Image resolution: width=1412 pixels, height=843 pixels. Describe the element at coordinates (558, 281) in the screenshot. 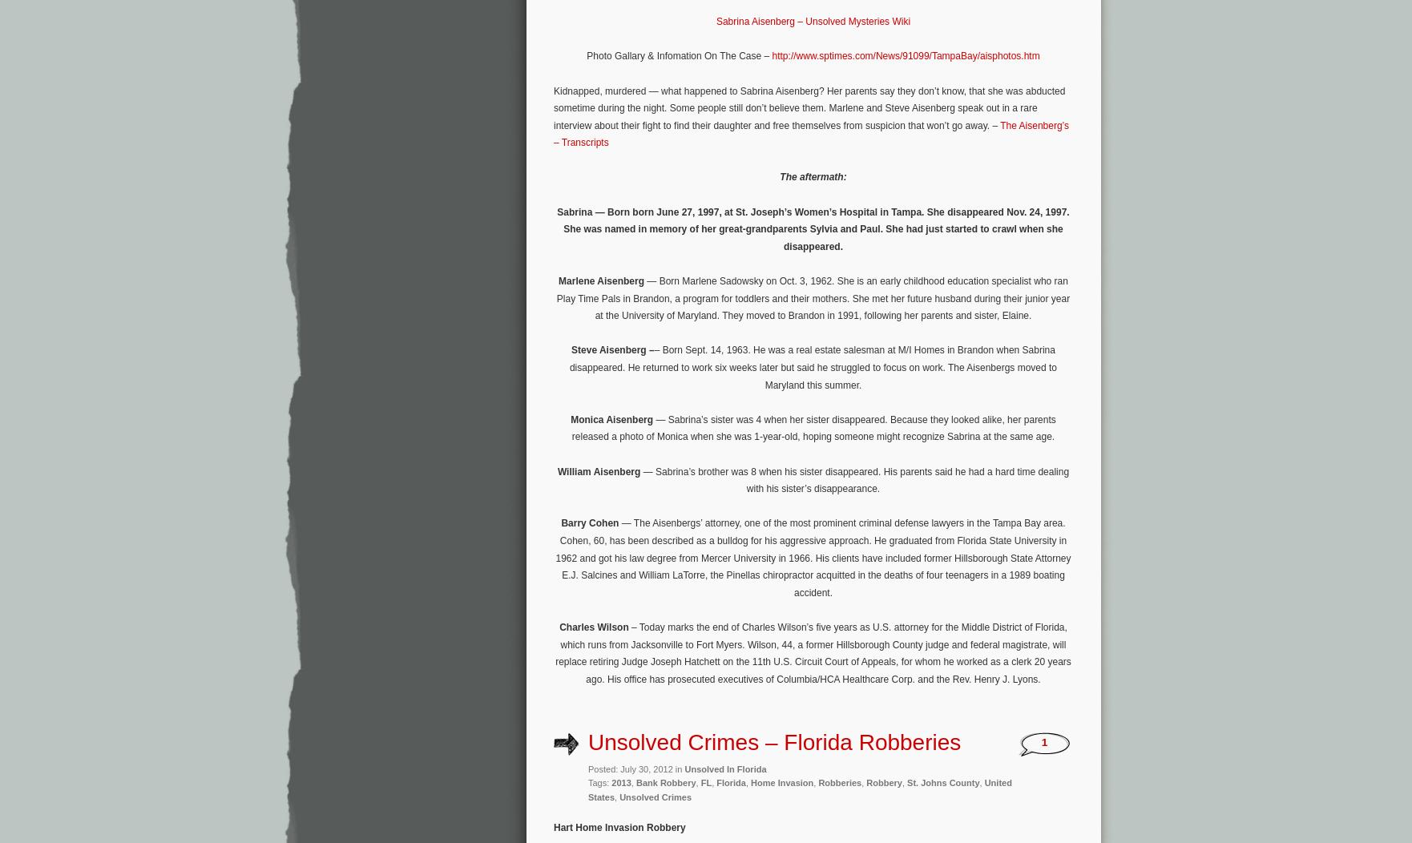

I see `'Marlene Aisenberg'` at that location.